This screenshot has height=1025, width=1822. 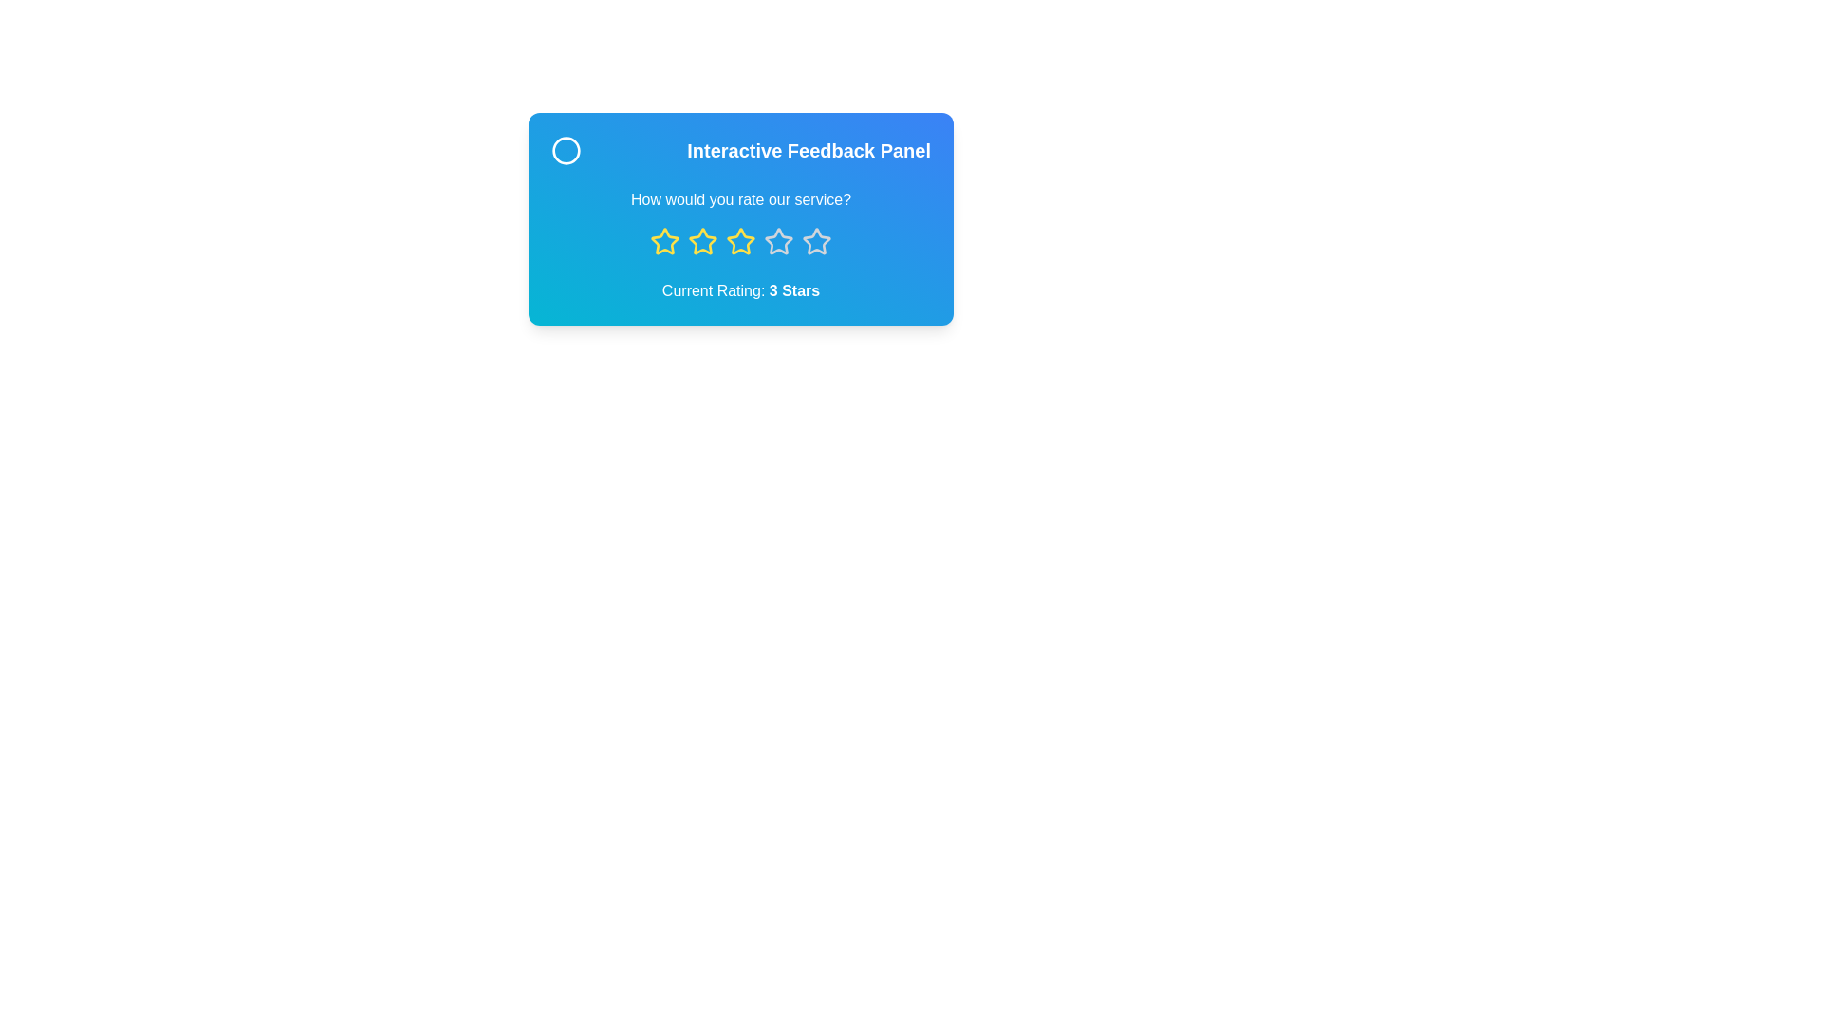 What do you see at coordinates (740, 240) in the screenshot?
I see `the visual state of the third star icon in the rating component, which is located below the text 'How would you rate our service?' on a blue background card` at bounding box center [740, 240].